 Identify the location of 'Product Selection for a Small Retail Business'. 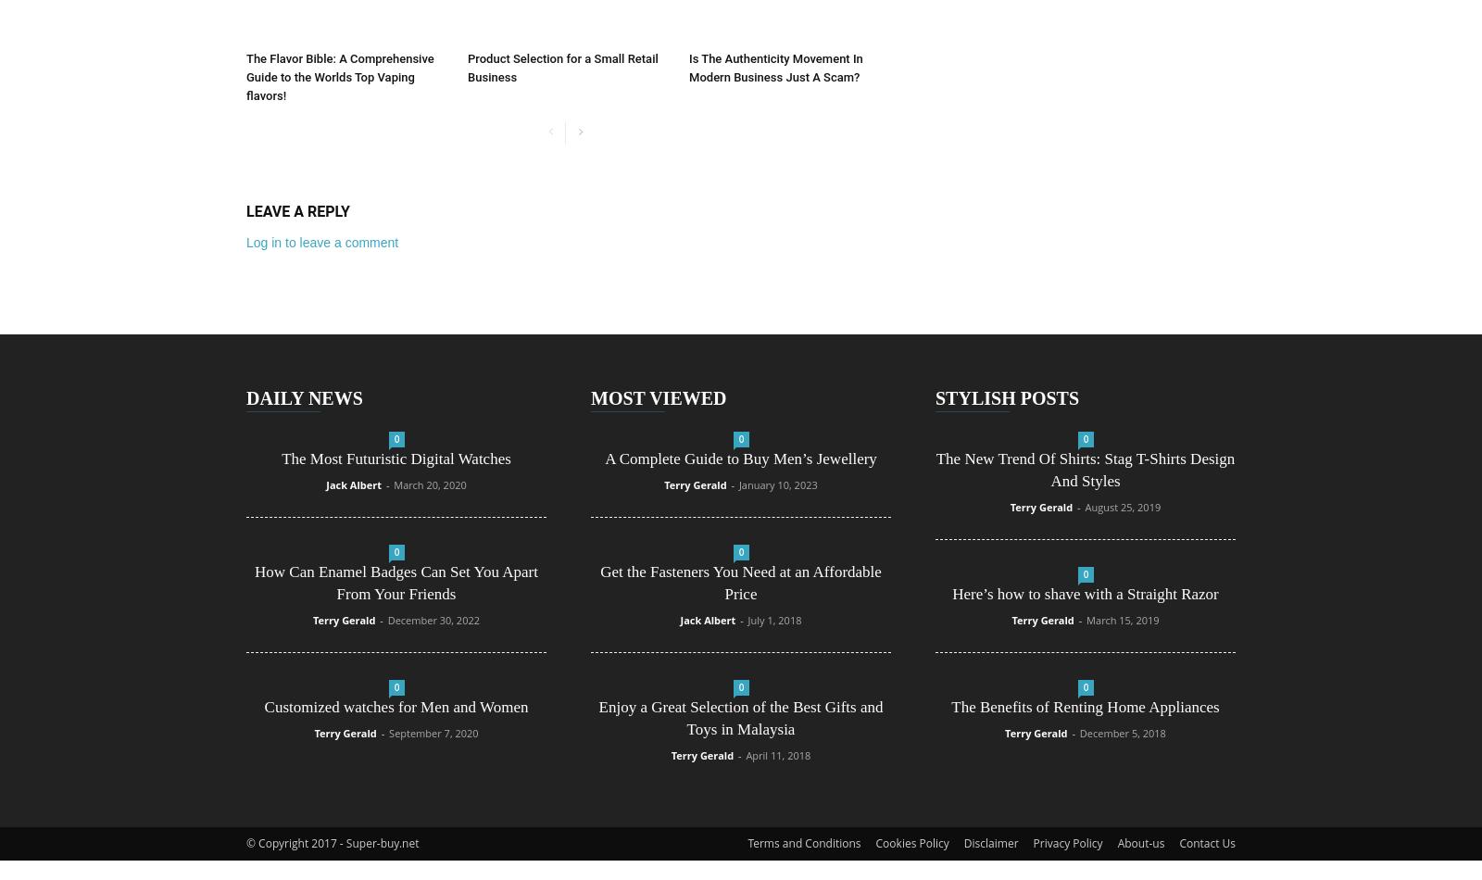
(466, 67).